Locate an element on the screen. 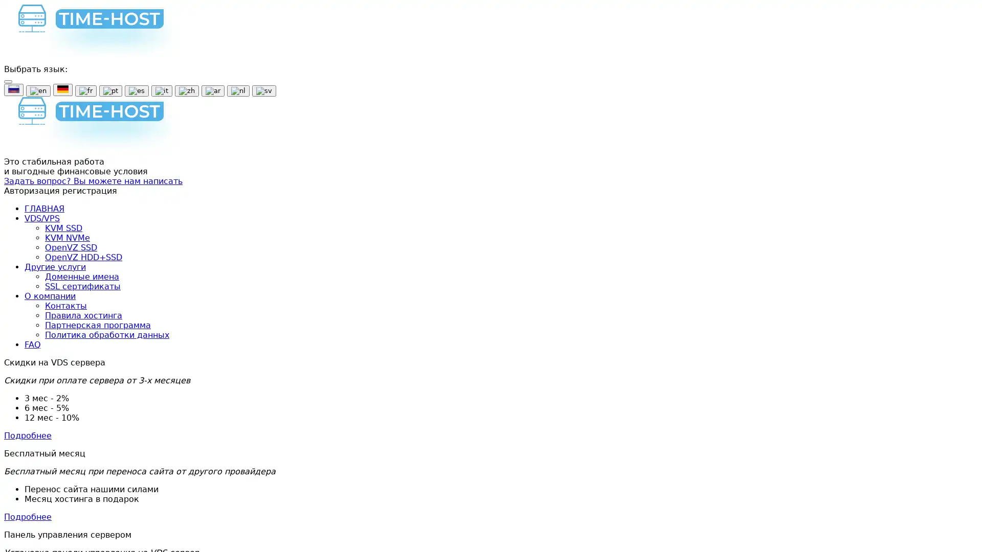 The image size is (982, 552). it is located at coordinates (161, 90).